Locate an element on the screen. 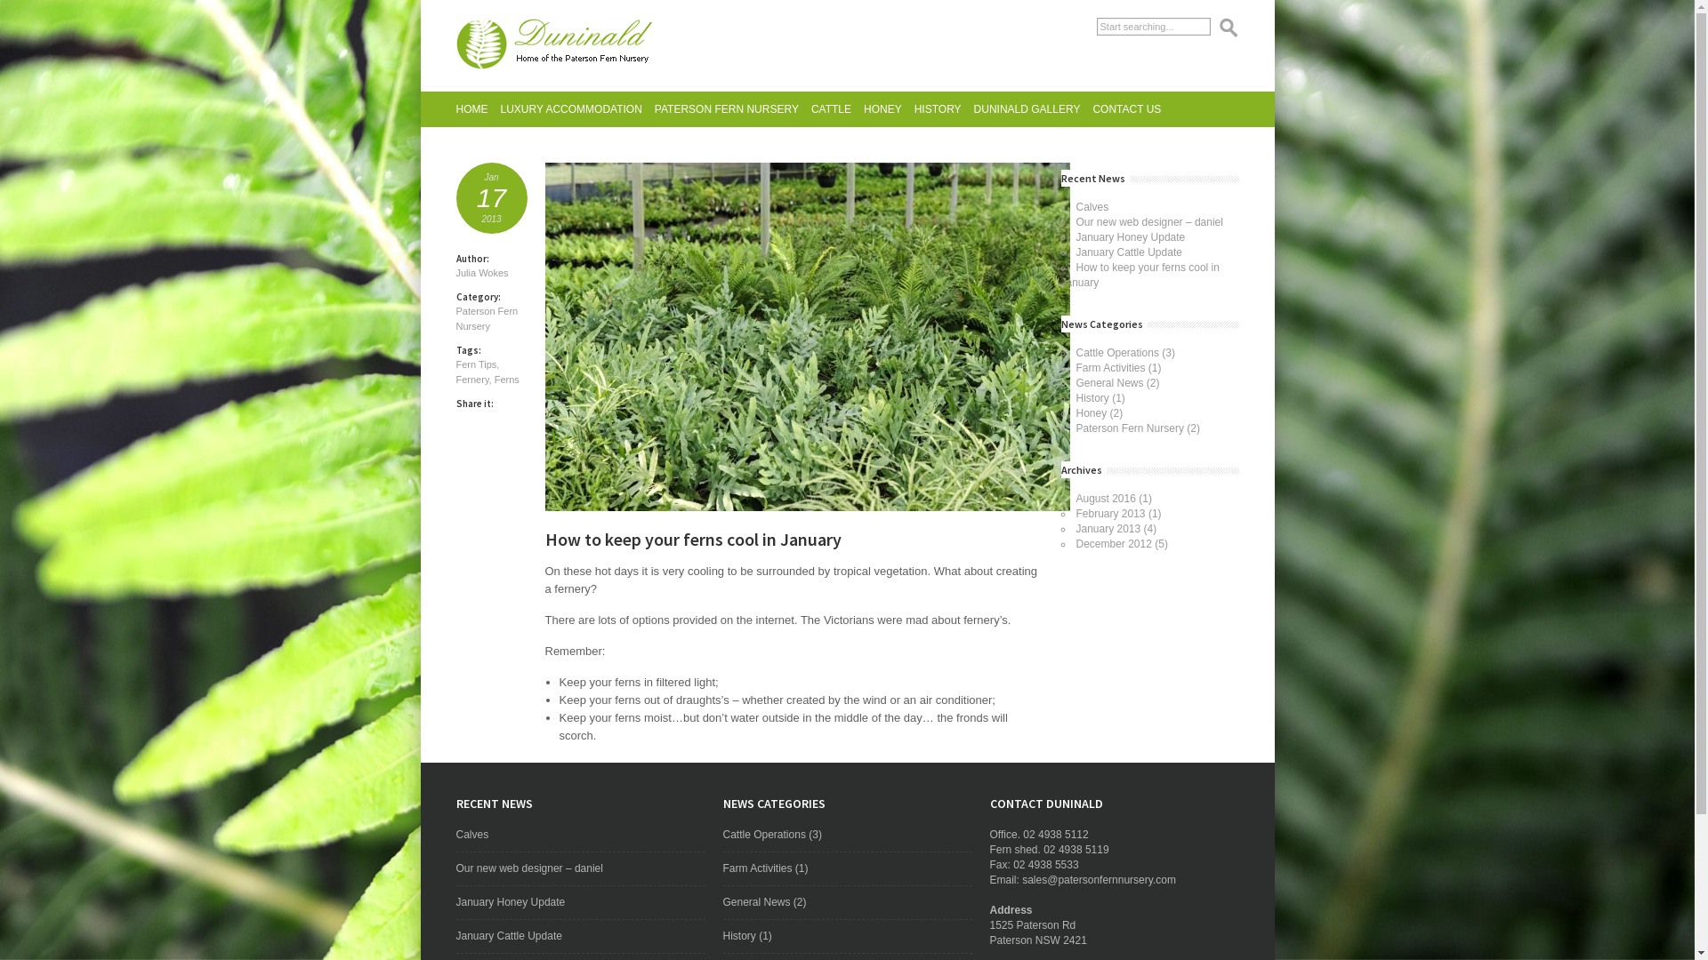 The width and height of the screenshot is (1708, 960). 'sales@patersonfernnursery.com' is located at coordinates (1021, 880).